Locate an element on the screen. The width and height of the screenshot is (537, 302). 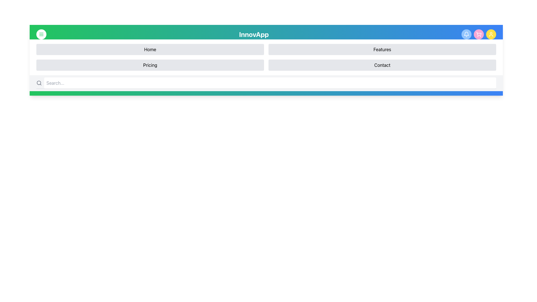
the 'Home' button, which is a rectangular button with rounded corners and a gray background is located at coordinates (150, 49).